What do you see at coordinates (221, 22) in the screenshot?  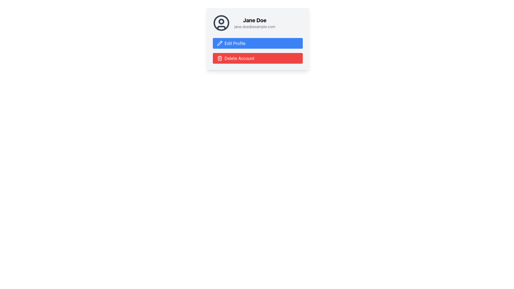 I see `the circular user avatar icon with a dark gray outline and white interior, located to the left of the 'Jane Doe' text block` at bounding box center [221, 22].